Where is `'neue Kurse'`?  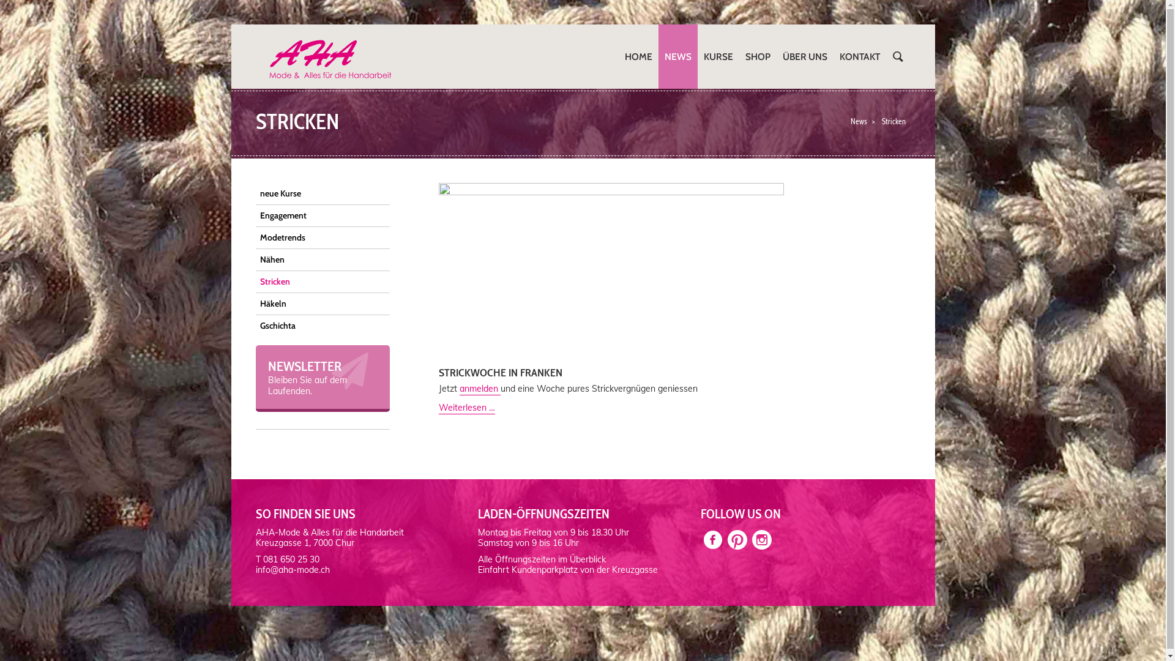
'neue Kurse' is located at coordinates (323, 193).